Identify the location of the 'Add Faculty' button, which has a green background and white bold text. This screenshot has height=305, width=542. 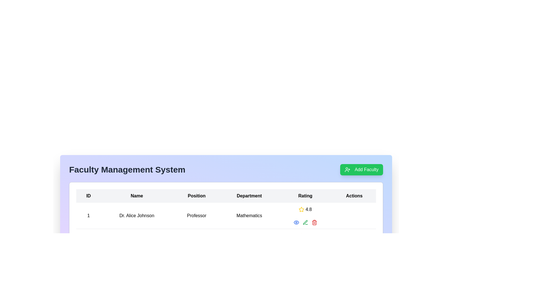
(361, 169).